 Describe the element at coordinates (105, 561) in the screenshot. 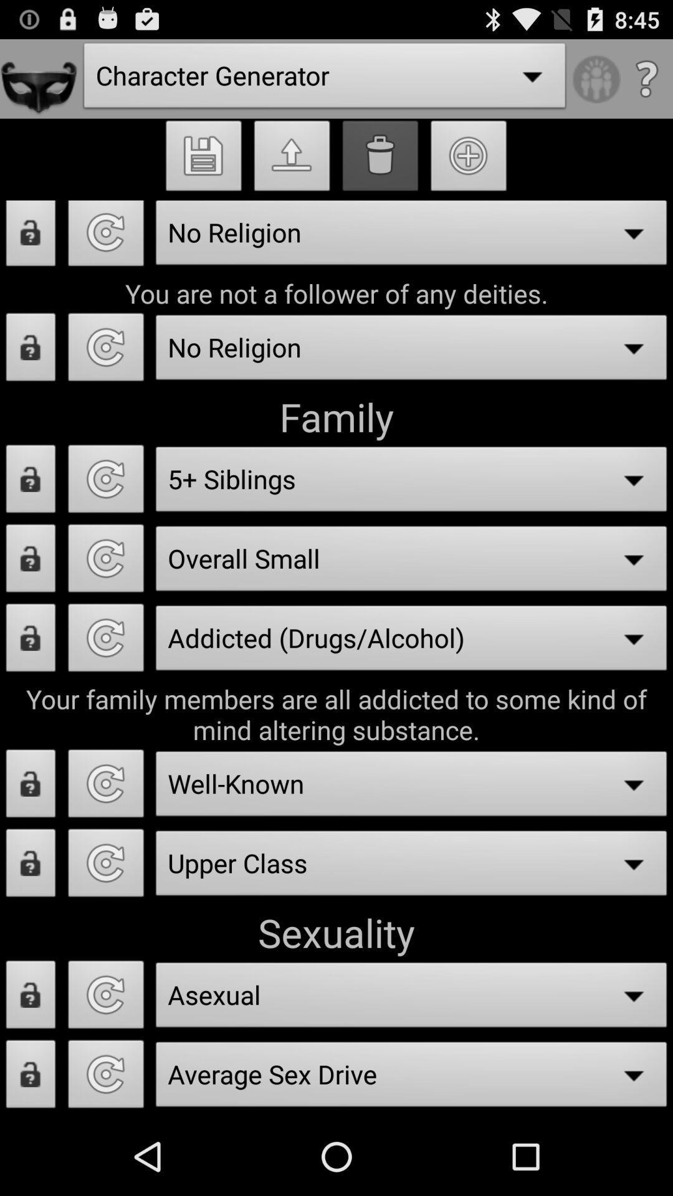

I see `overall small` at that location.